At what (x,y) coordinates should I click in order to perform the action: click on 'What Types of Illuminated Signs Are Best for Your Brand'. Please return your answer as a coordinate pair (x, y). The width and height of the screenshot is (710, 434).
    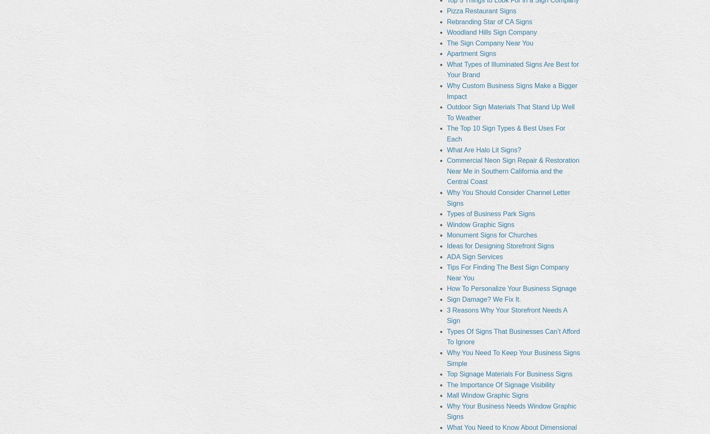
    Looking at the image, I should click on (512, 69).